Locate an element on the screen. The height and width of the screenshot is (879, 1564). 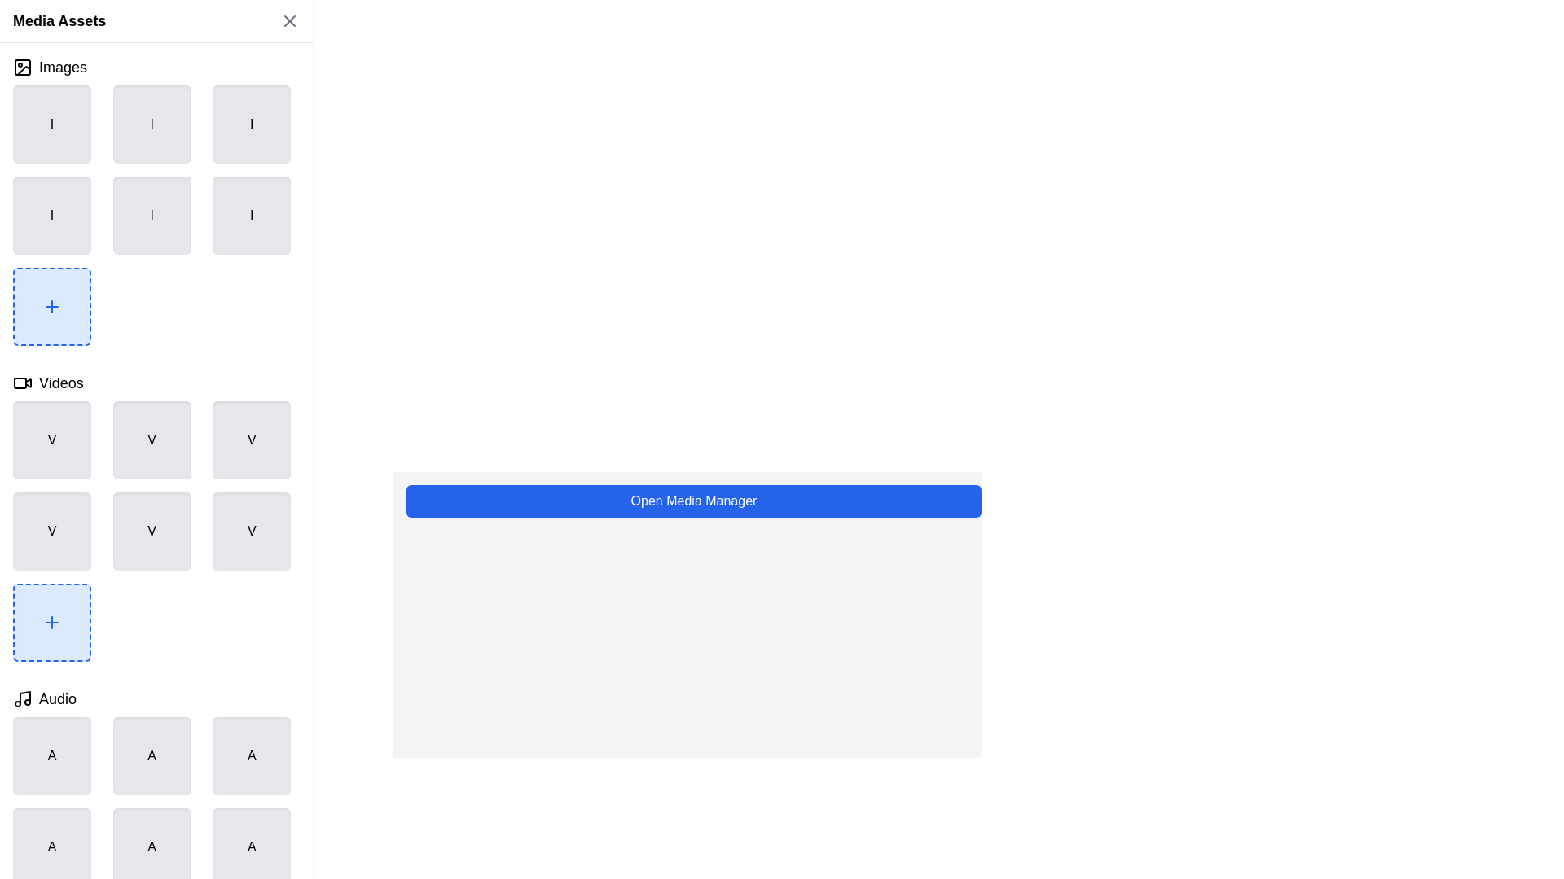
the grid cell displaying a light gray background with a centered 'V' in the middle column of the second row under the 'Videos' section is located at coordinates (156, 531).